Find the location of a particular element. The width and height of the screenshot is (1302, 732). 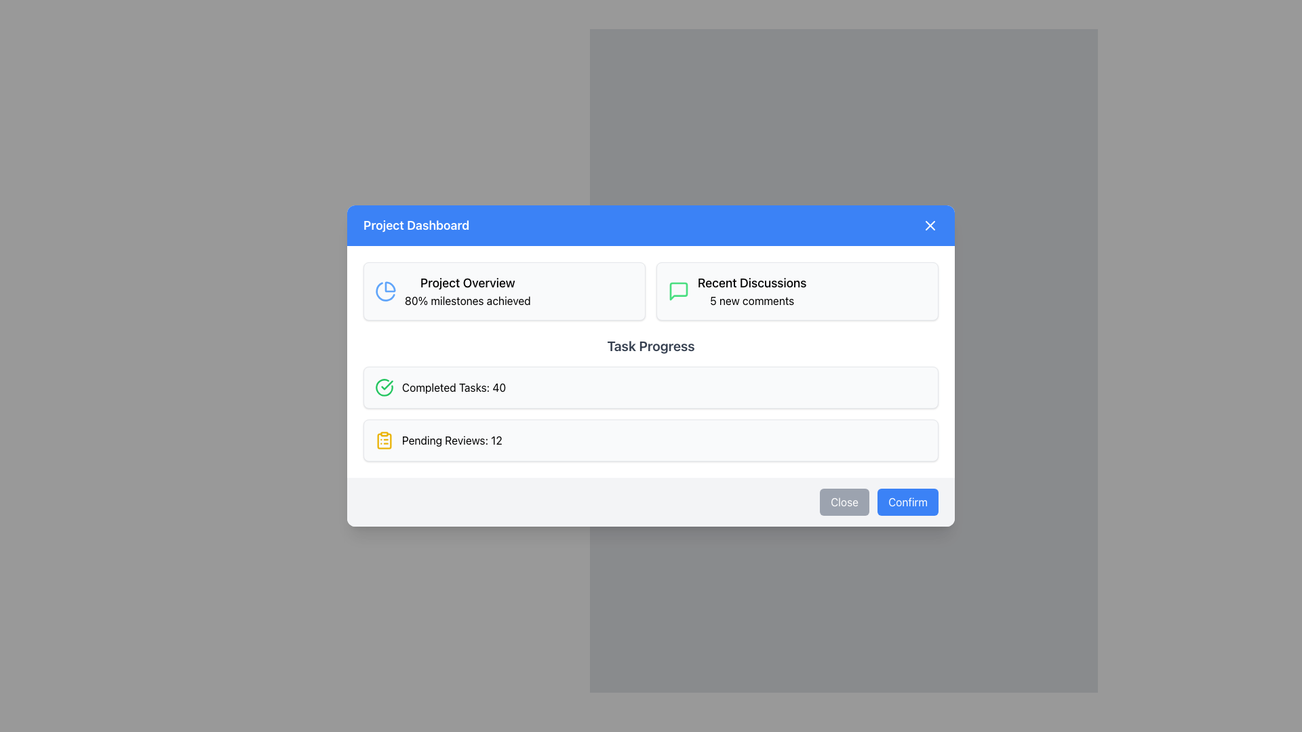

the informational card displaying the count of pending reviews located below the 'Completed Tasks' card in the middle column of the dialog is located at coordinates (651, 441).